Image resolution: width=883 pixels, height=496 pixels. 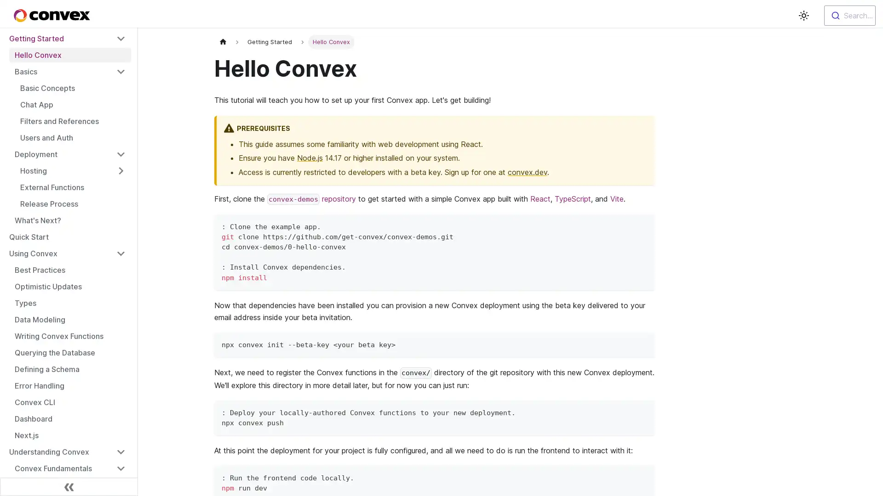 I want to click on Copy code to clipboard, so click(x=643, y=225).